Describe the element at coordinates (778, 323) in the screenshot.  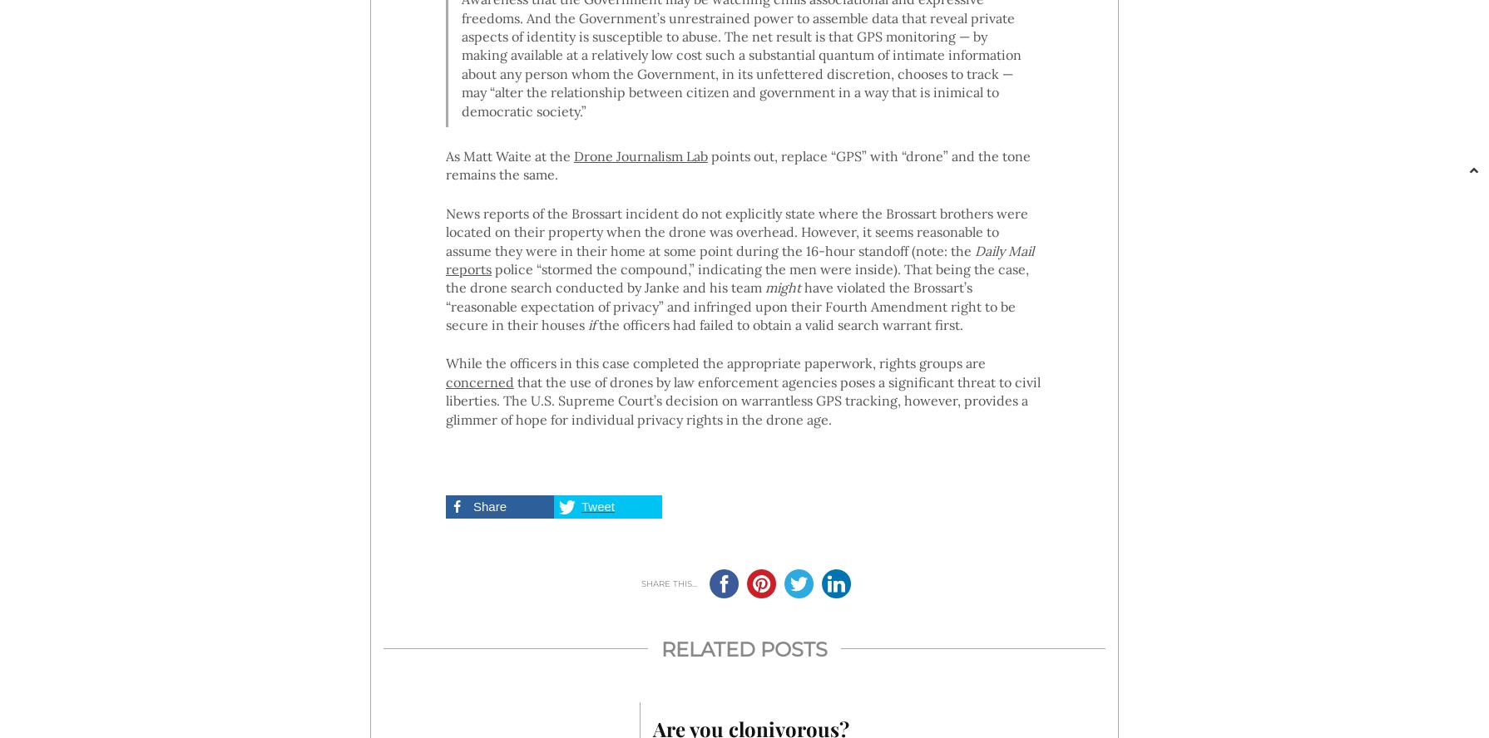
I see `'the officers had failed to obtain a valid search warrant first.'` at that location.